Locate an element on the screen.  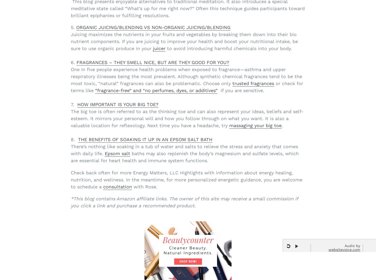
'.' is located at coordinates (282, 125).